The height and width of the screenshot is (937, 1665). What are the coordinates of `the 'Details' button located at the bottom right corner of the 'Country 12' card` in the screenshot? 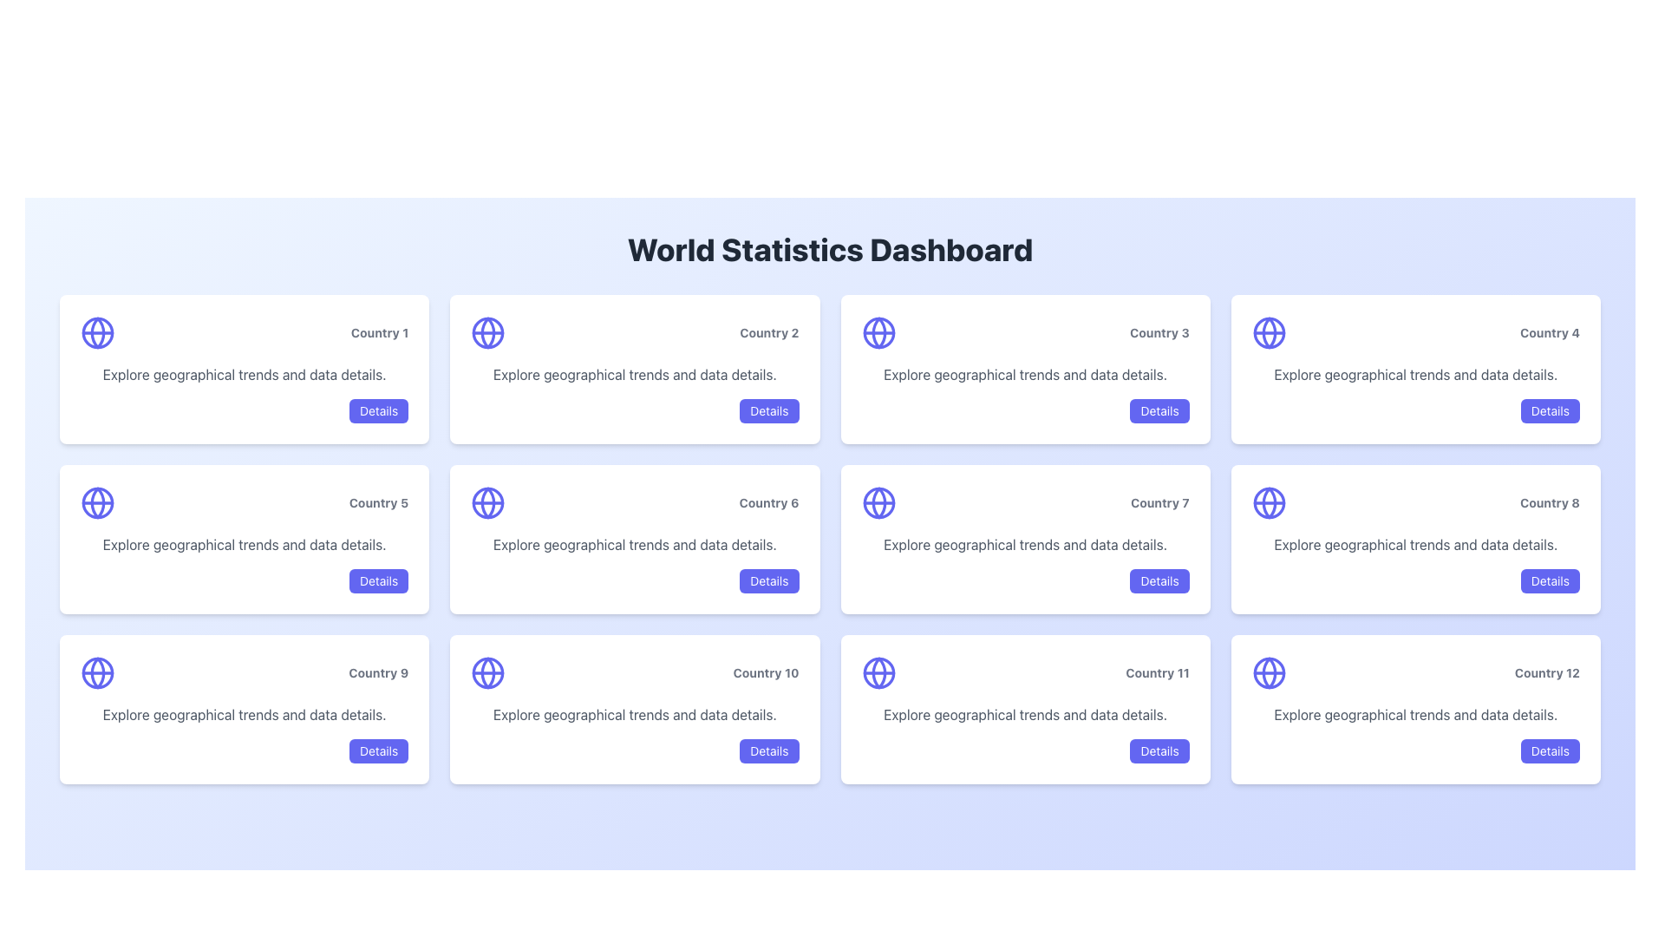 It's located at (1550, 750).